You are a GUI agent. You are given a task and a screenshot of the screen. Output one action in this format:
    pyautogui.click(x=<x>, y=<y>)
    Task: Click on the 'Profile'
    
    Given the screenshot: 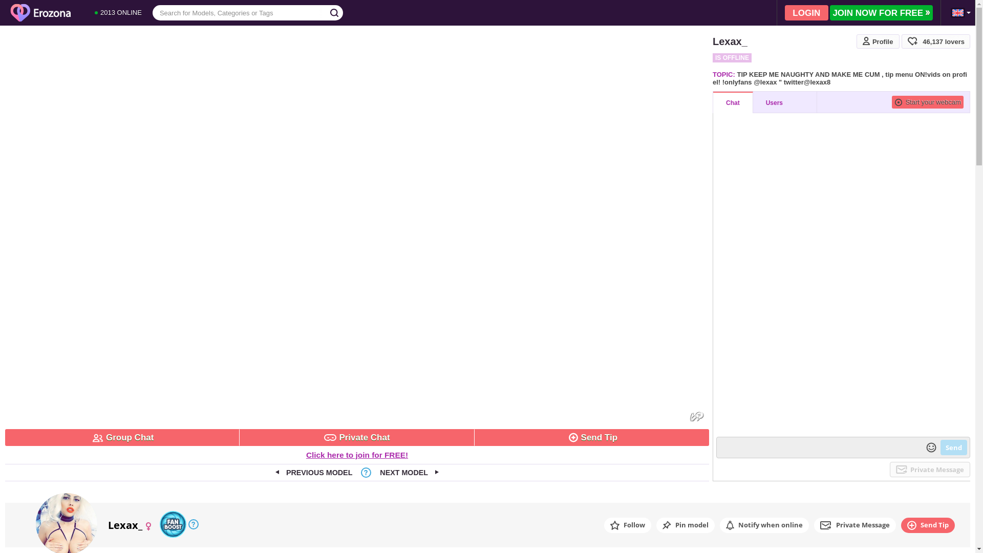 What is the action you would take?
    pyautogui.click(x=877, y=41)
    